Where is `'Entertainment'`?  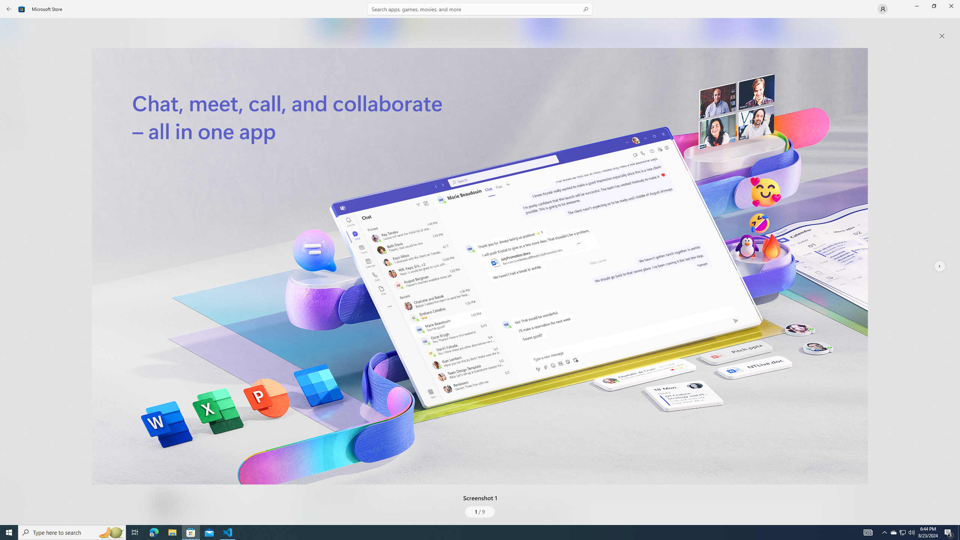 'Entertainment' is located at coordinates (13, 122).